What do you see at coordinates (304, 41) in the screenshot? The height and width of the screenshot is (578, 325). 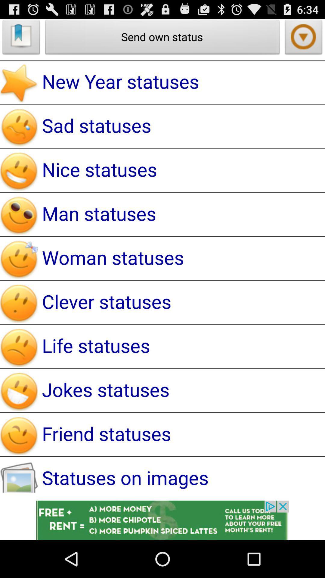 I see `the arrow_downward icon` at bounding box center [304, 41].